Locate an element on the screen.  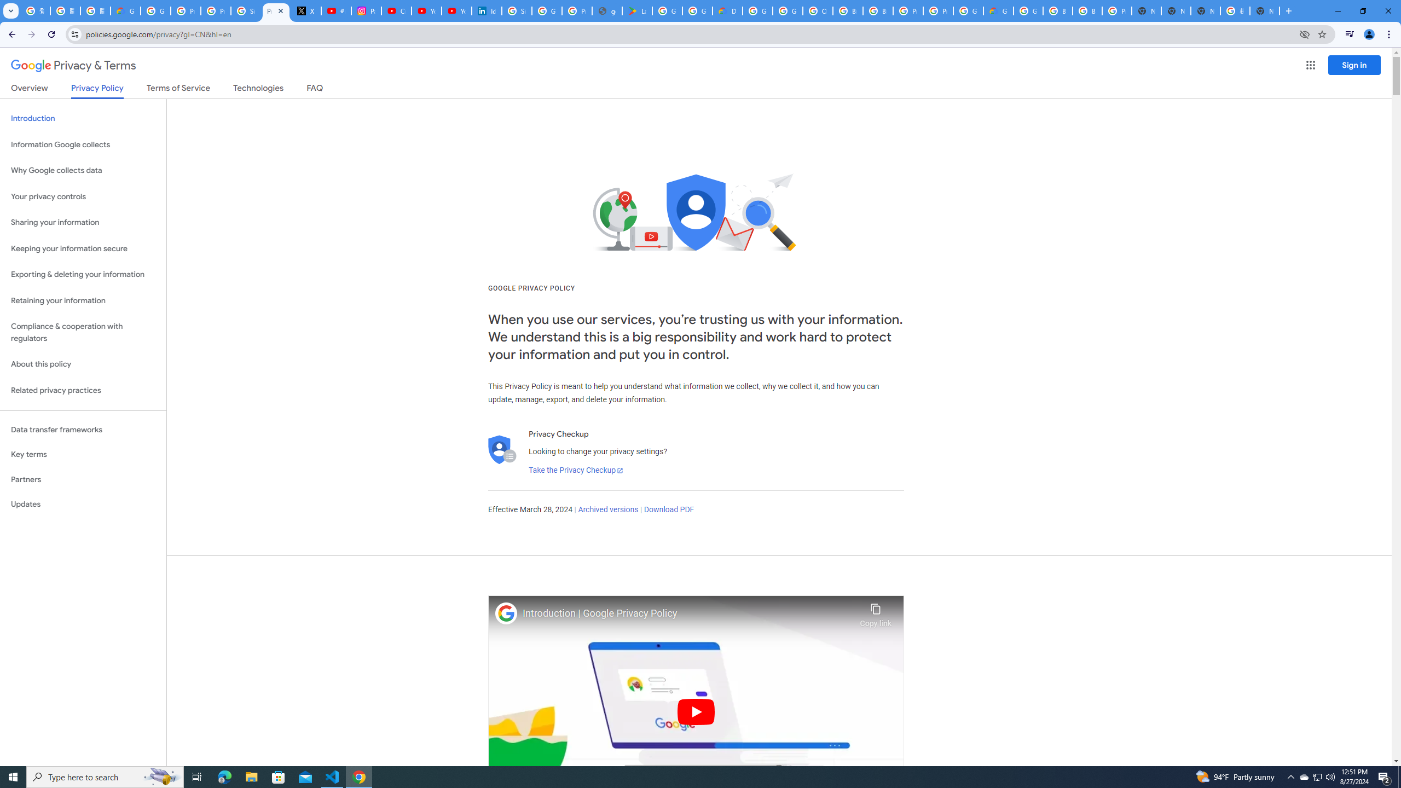
'About this policy' is located at coordinates (83, 364).